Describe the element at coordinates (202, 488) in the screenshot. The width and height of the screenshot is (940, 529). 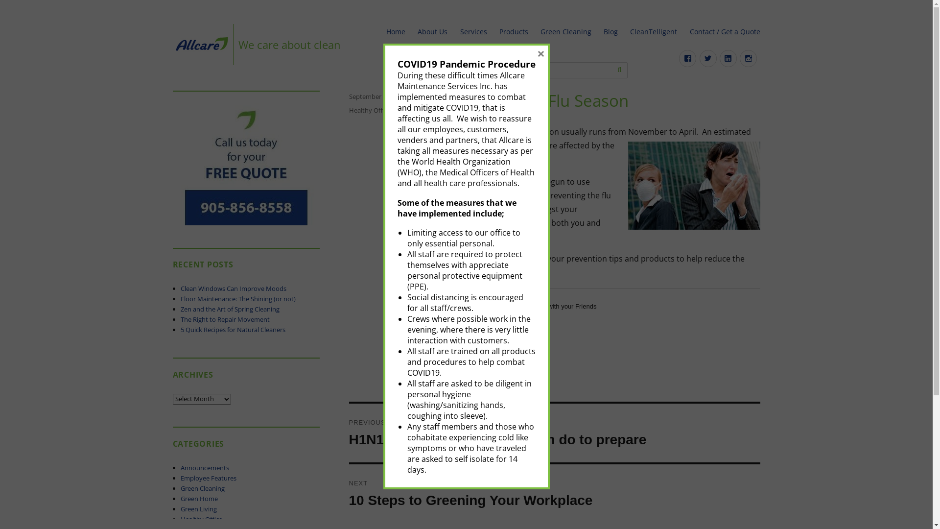
I see `'Green Cleaning'` at that location.